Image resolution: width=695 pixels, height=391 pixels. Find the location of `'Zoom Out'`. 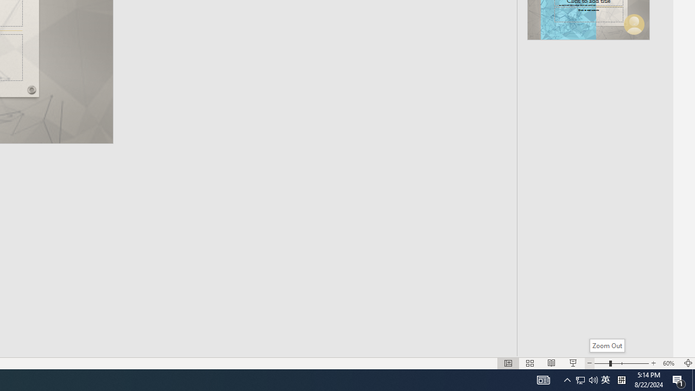

'Zoom Out' is located at coordinates (606, 345).